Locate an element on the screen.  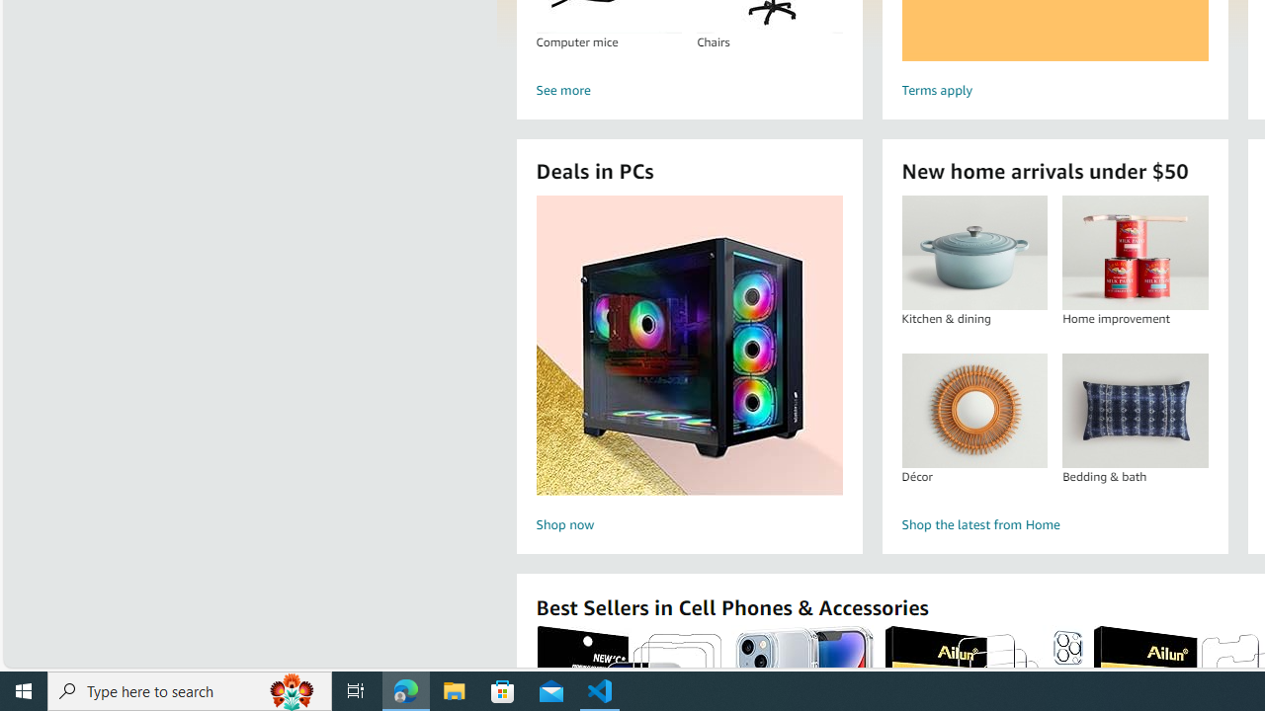
'Kitchen & dining' is located at coordinates (974, 252).